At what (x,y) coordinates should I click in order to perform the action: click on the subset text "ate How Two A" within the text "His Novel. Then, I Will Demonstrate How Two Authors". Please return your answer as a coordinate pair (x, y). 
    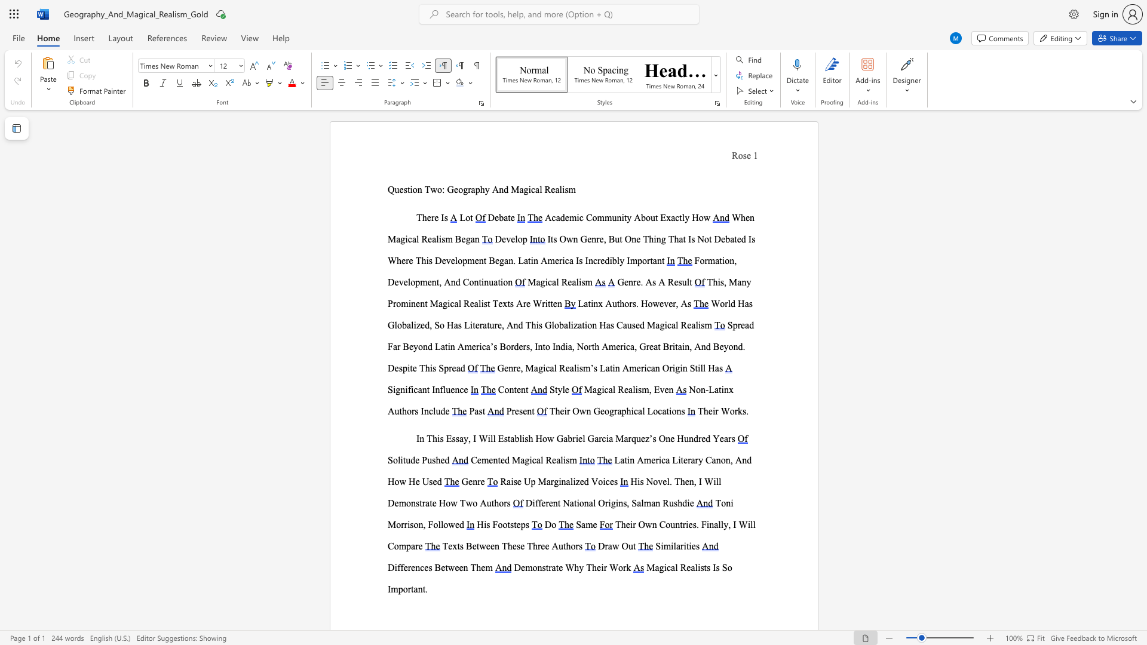
    Looking at the image, I should click on (425, 503).